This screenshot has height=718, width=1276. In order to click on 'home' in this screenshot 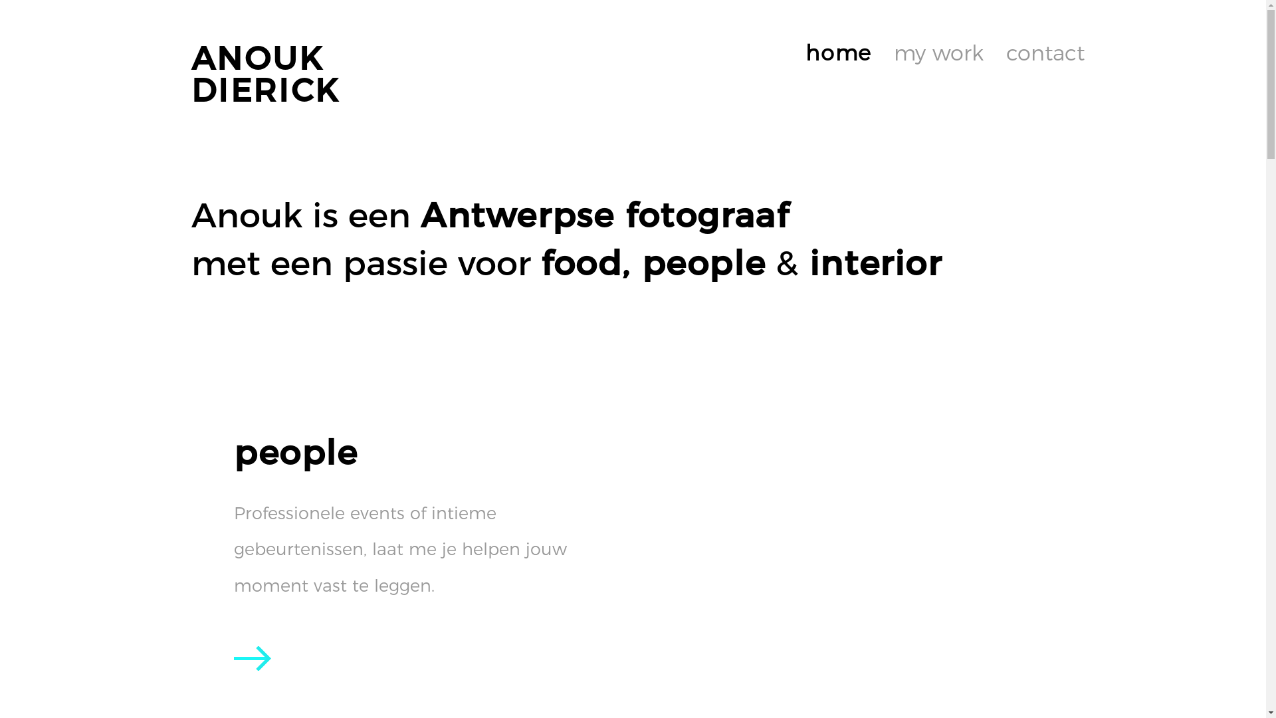, I will do `click(804, 74)`.